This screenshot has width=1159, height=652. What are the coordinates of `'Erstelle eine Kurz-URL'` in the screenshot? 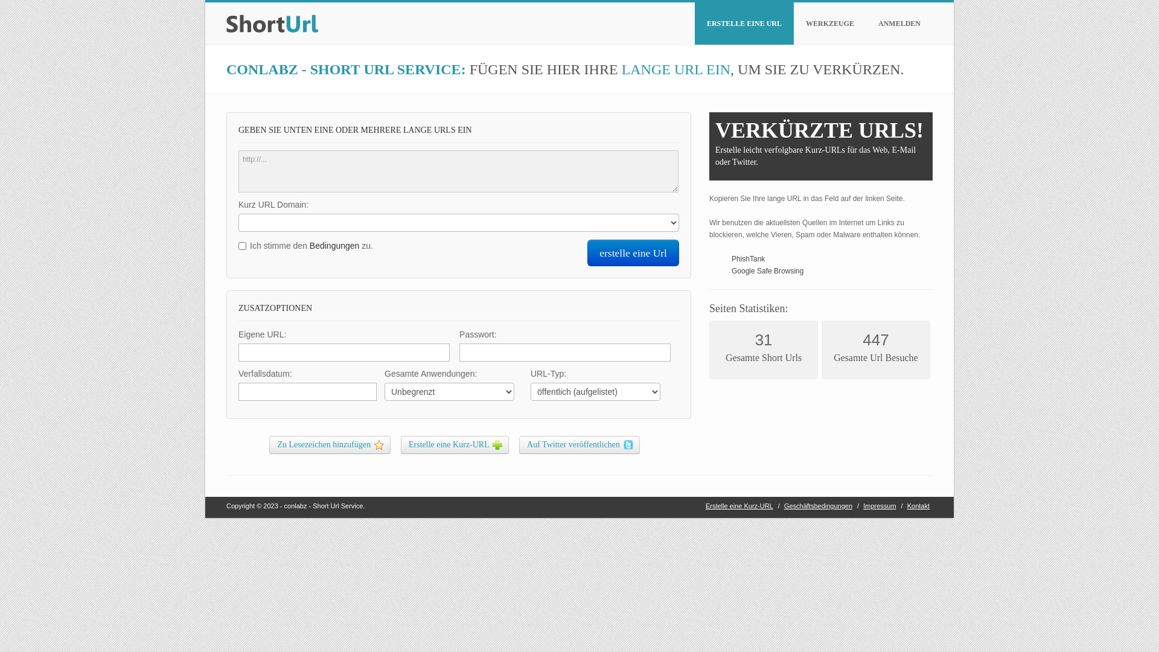 It's located at (400, 444).